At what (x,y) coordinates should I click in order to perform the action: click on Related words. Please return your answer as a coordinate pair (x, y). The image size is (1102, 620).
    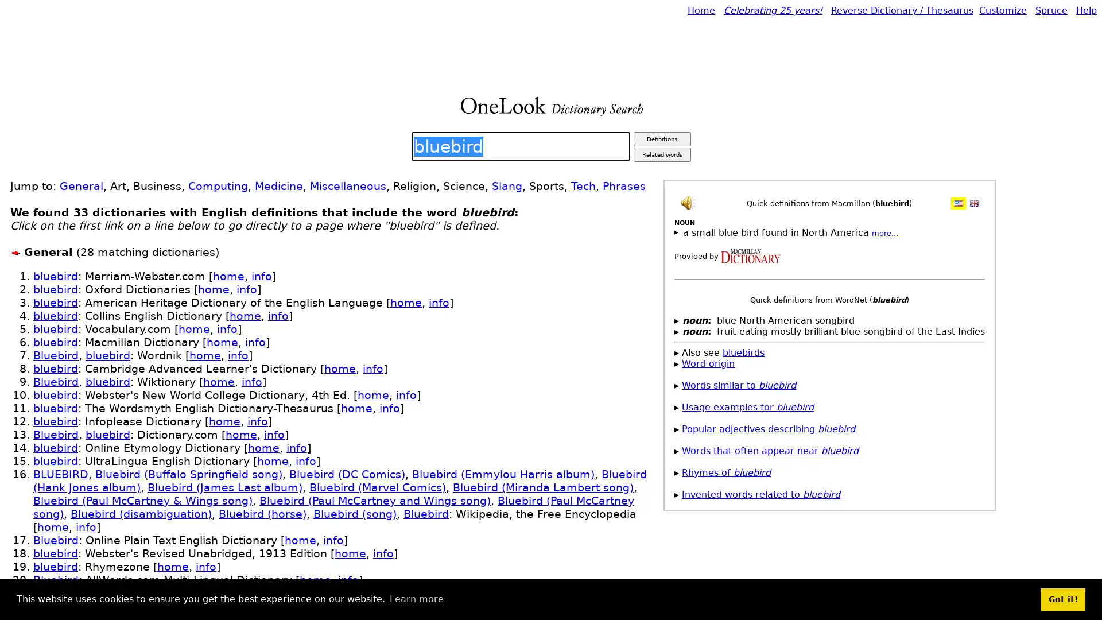
    Looking at the image, I should click on (661, 154).